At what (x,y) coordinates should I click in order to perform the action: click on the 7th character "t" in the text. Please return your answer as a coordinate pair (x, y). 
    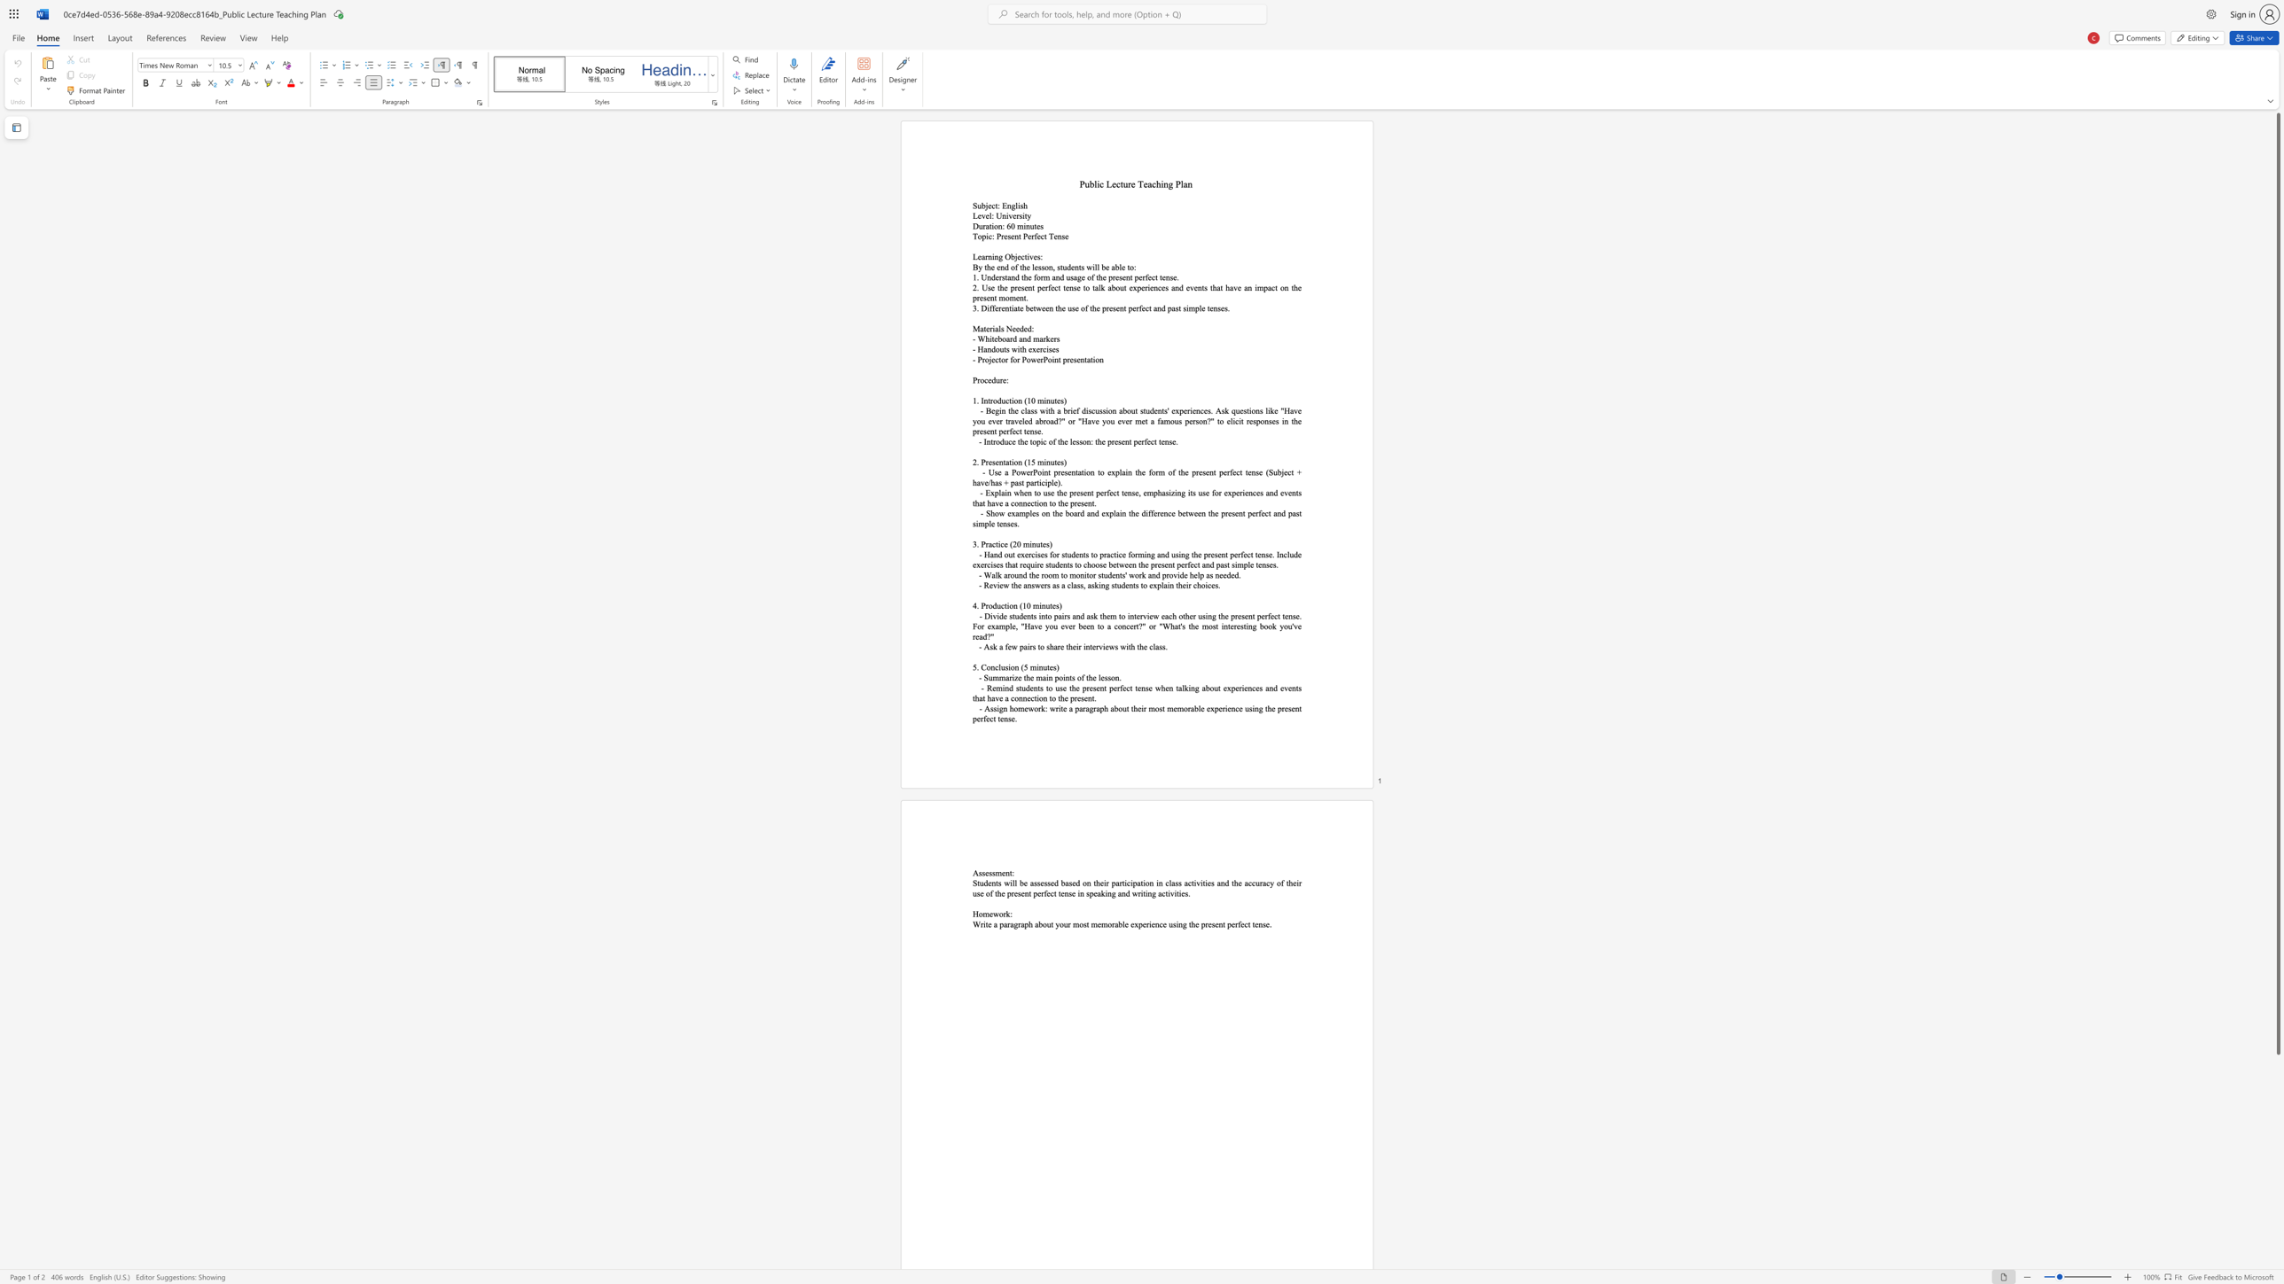
    Looking at the image, I should click on (1299, 513).